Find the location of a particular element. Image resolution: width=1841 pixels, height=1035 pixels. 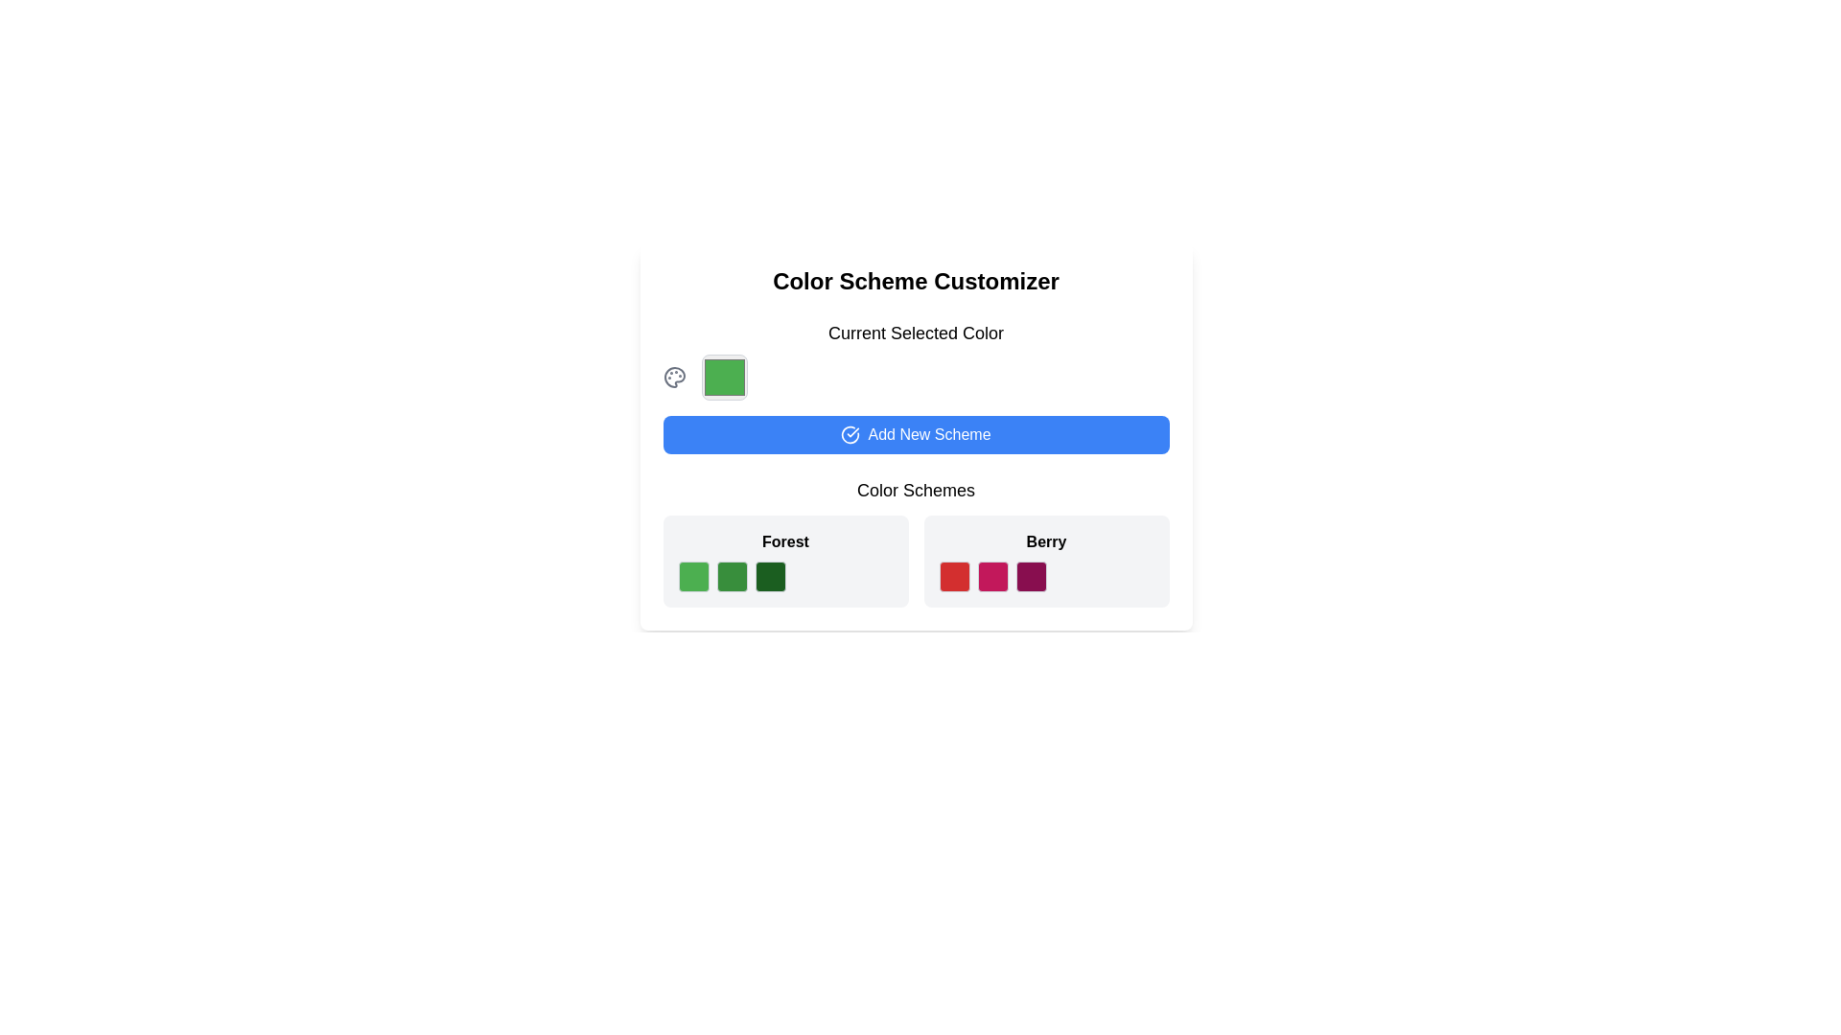

the third selectable color option, which is a small square with rounded corners and a dark green fill color is located at coordinates (770, 575).